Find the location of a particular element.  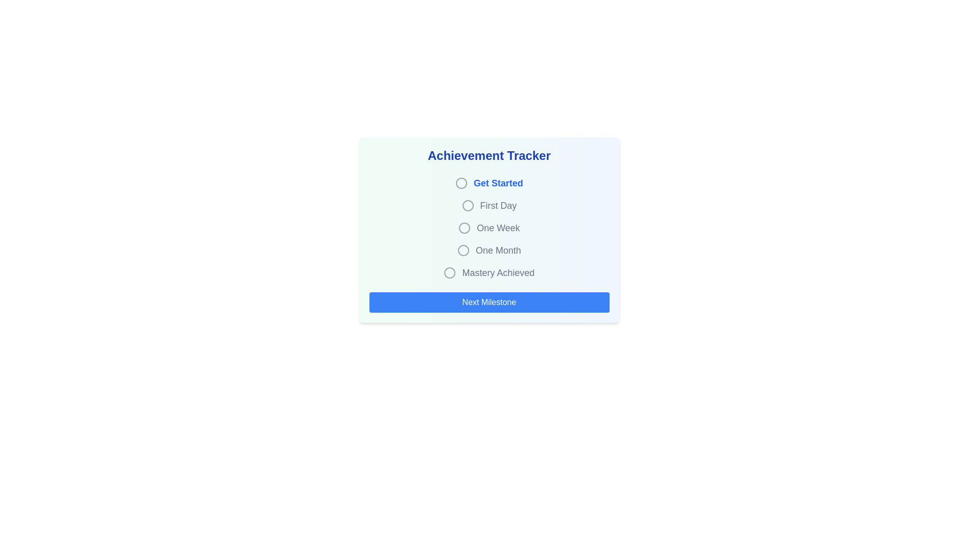

the 'Get Started' radio button is located at coordinates (489, 182).